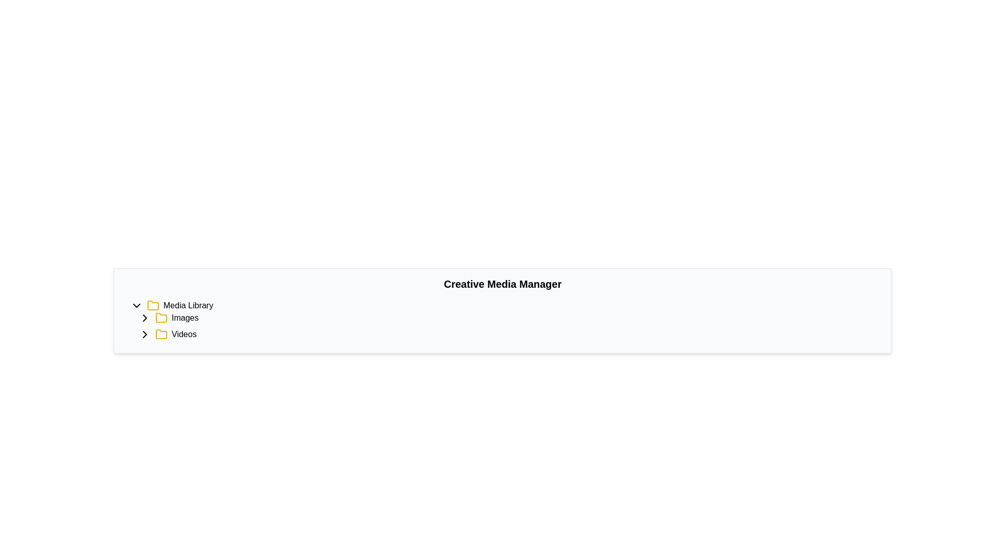 The width and height of the screenshot is (987, 555). Describe the element at coordinates (152, 305) in the screenshot. I see `the yellow folder icon located to the left of the 'Media Library' text label in the hierarchical navigation panel` at that location.